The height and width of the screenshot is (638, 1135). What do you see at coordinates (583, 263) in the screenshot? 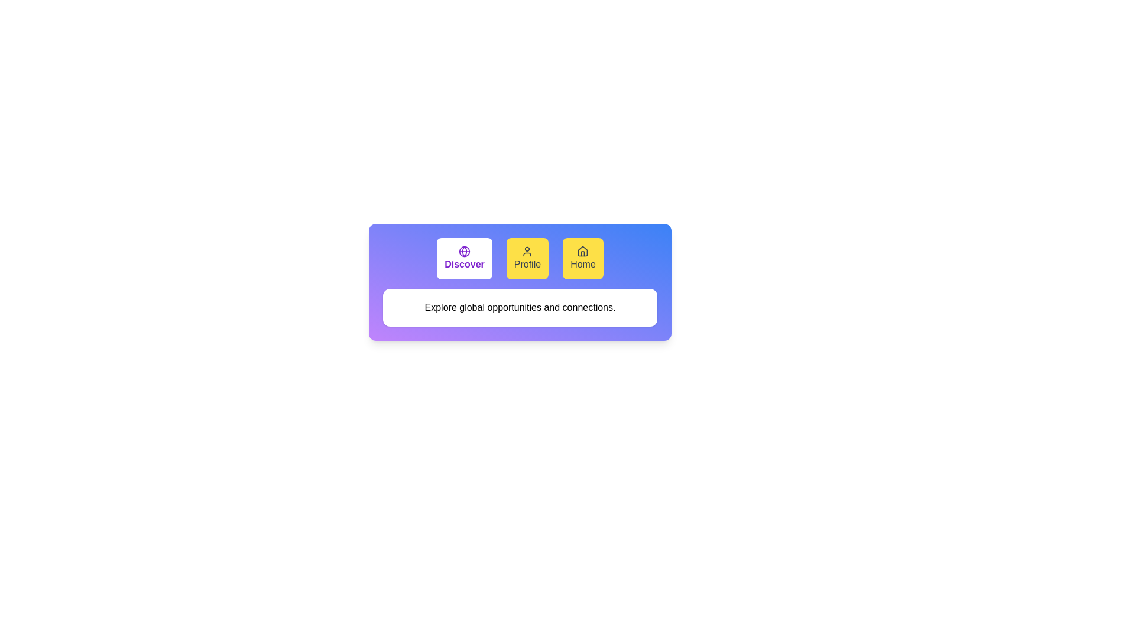
I see `the 'Home' text label located within the 'Home' button, which is the third button in a row of three buttons ('Discover', 'Profile', 'Home')` at bounding box center [583, 263].